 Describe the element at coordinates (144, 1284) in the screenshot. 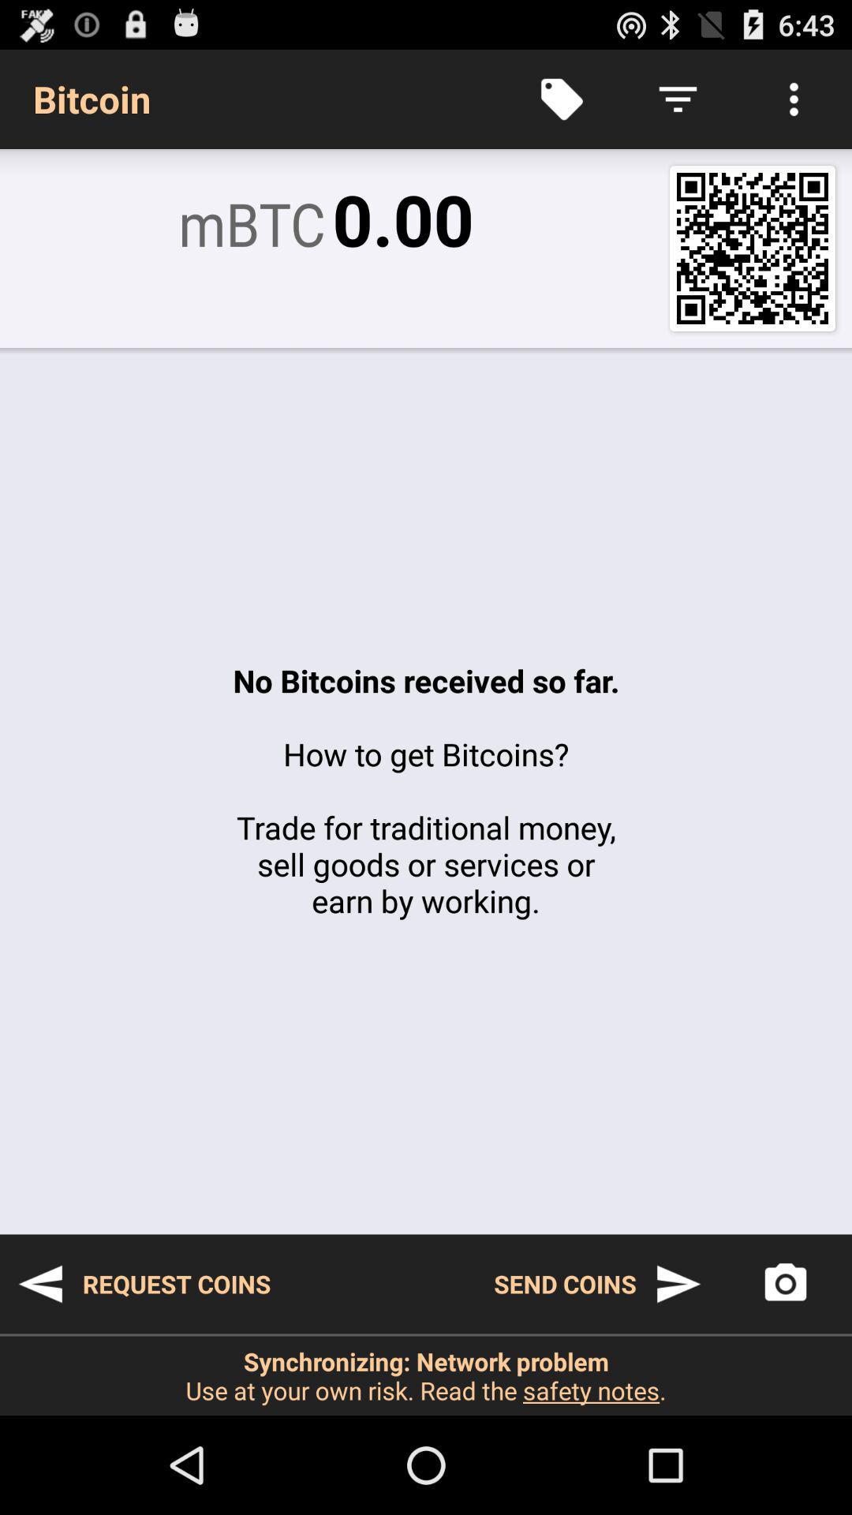

I see `icon to the left of the send coins item` at that location.